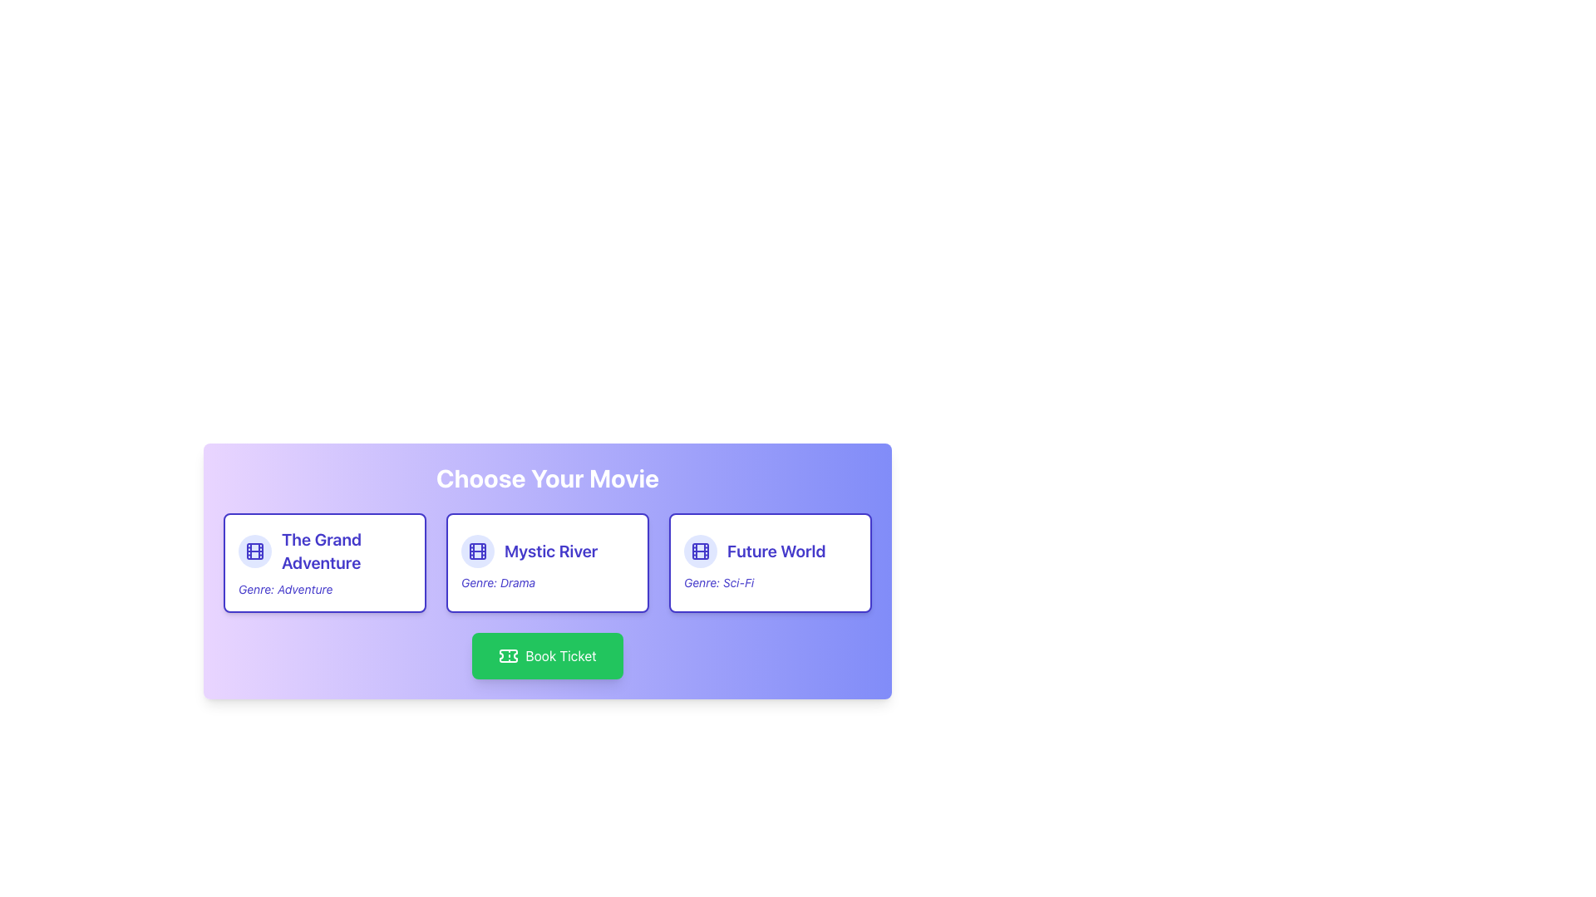  I want to click on the blue rectangular SVG component with rounded corners located within the film icon of the movie 'Mystic River', the second movie card in the horizontal list, so click(477, 551).